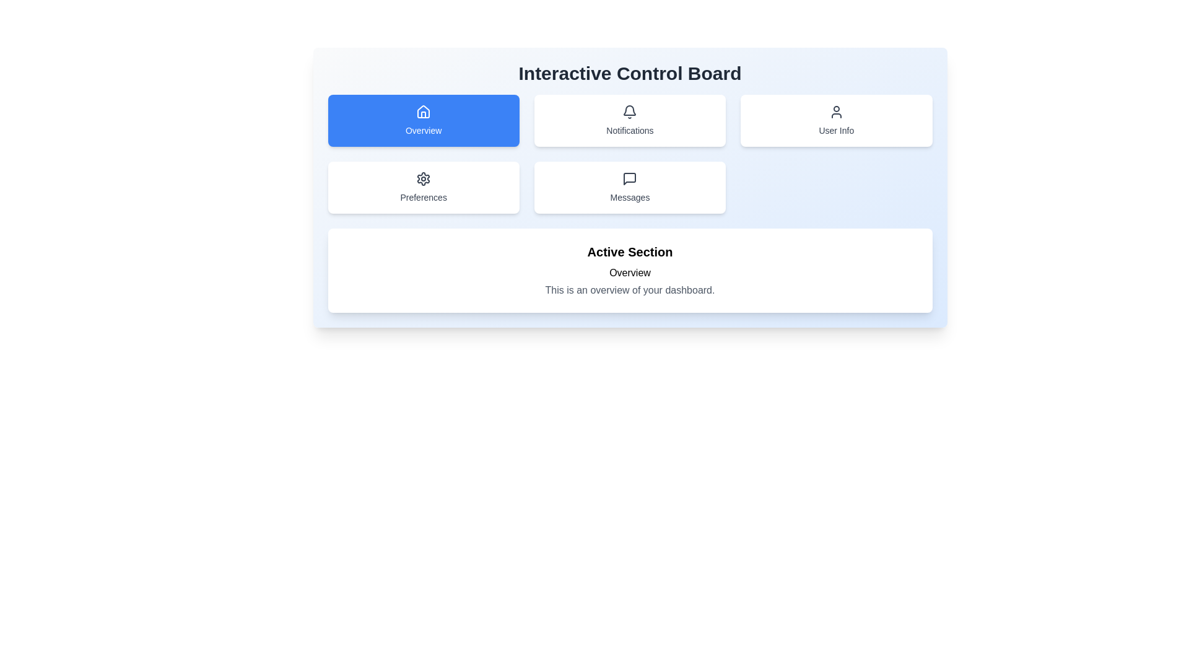 The image size is (1189, 669). What do you see at coordinates (424, 179) in the screenshot?
I see `the cogwheel icon in the Preferences button` at bounding box center [424, 179].